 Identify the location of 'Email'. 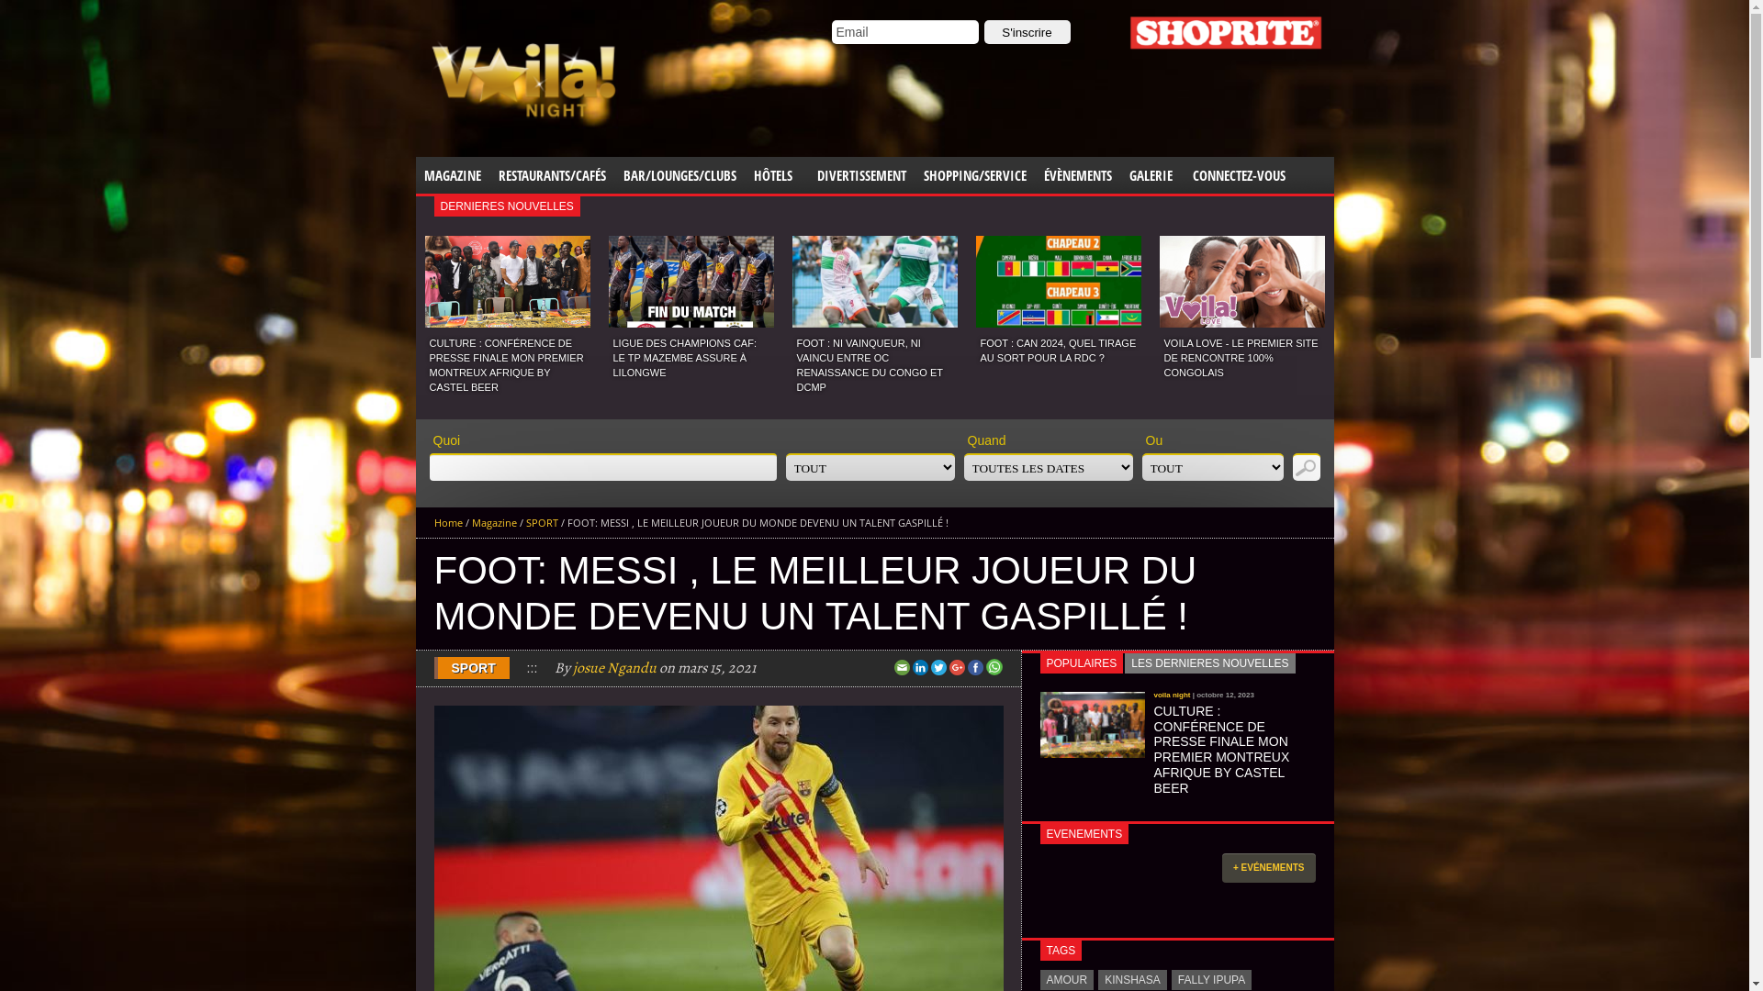
(894, 667).